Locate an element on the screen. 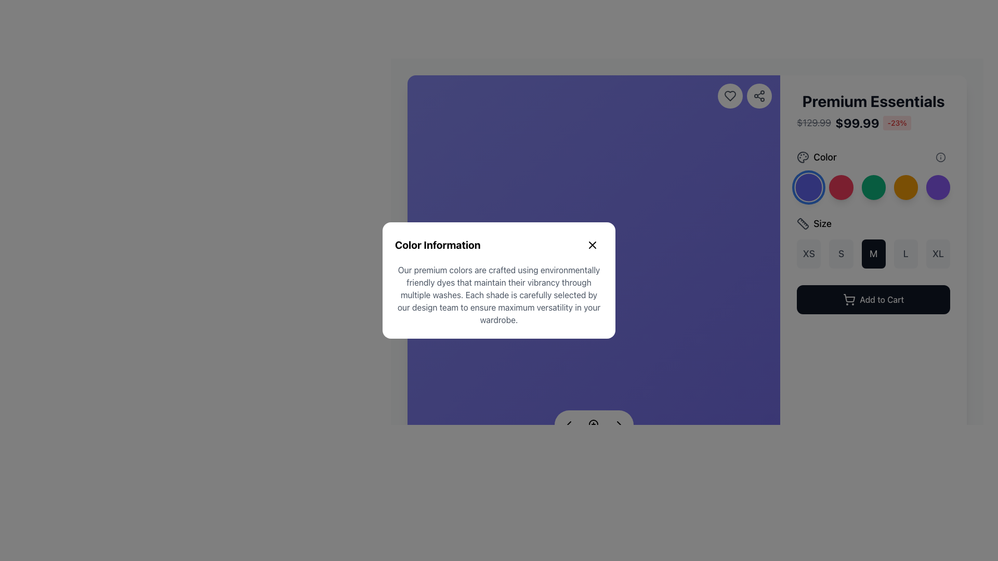  the 'XL' size selection button located in the size selection section below the 'Color' section is located at coordinates (938, 254).